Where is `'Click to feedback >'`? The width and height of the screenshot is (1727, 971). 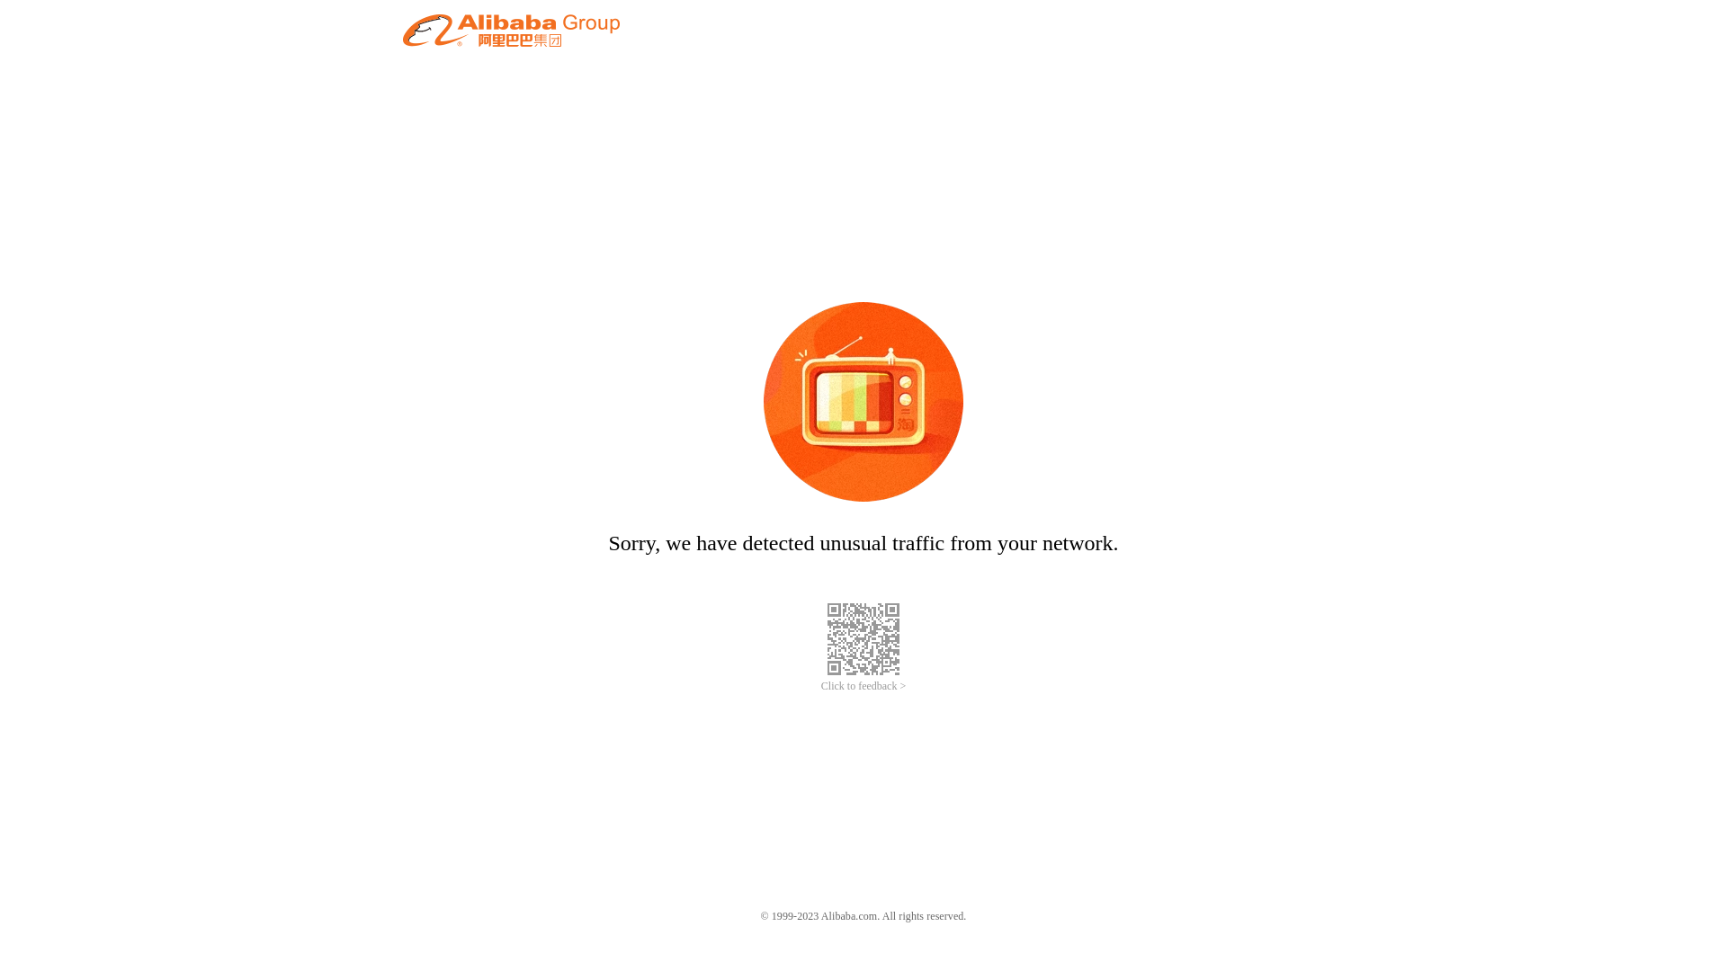
'Click to feedback >' is located at coordinates (819, 686).